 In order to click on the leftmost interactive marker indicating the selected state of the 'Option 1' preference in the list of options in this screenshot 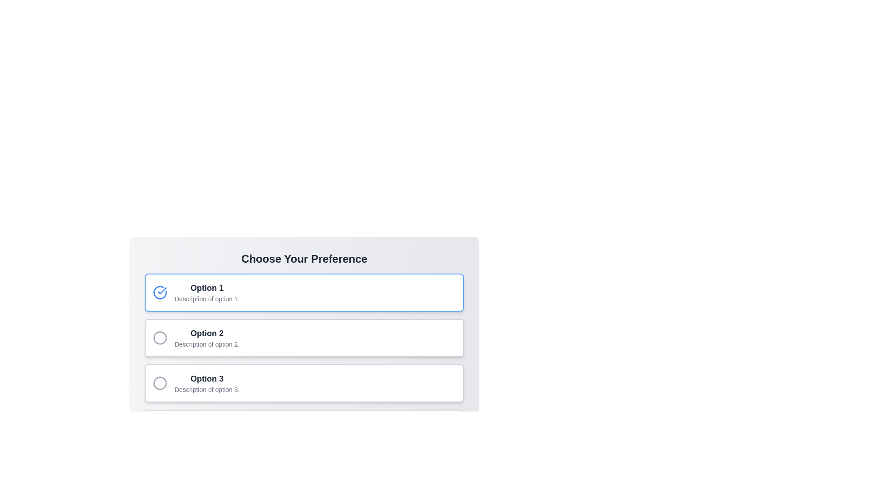, I will do `click(160, 292)`.